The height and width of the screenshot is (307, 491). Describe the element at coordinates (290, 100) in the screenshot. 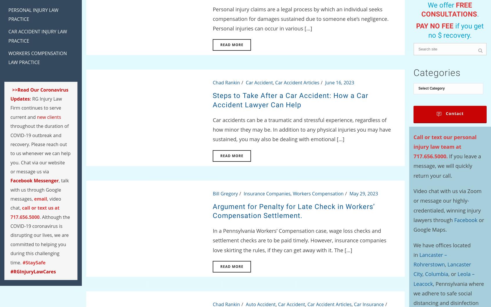

I see `'Steps to Take After a Car Accident: How a Car Accident Lawyer Can Help'` at that location.